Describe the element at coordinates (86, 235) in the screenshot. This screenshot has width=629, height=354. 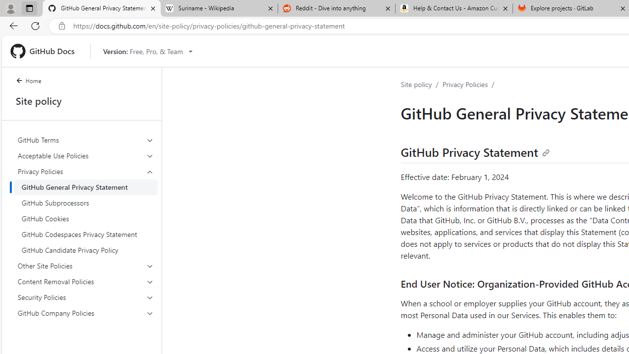
I see `'GitHub Codespaces Privacy Statement'` at that location.